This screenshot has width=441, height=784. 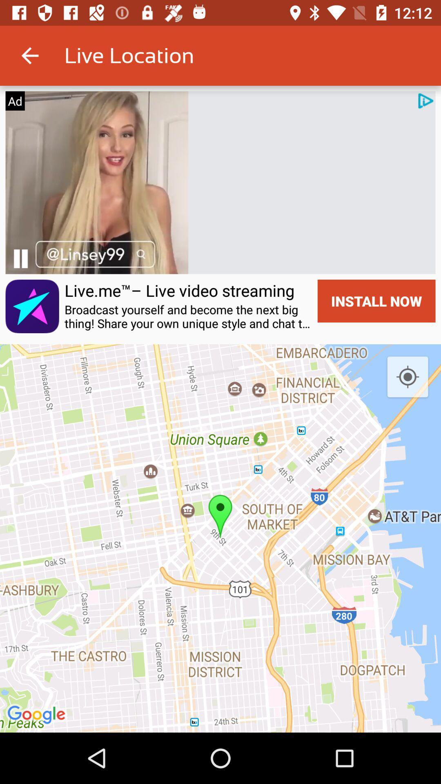 What do you see at coordinates (408, 377) in the screenshot?
I see `the location_crosshair icon` at bounding box center [408, 377].